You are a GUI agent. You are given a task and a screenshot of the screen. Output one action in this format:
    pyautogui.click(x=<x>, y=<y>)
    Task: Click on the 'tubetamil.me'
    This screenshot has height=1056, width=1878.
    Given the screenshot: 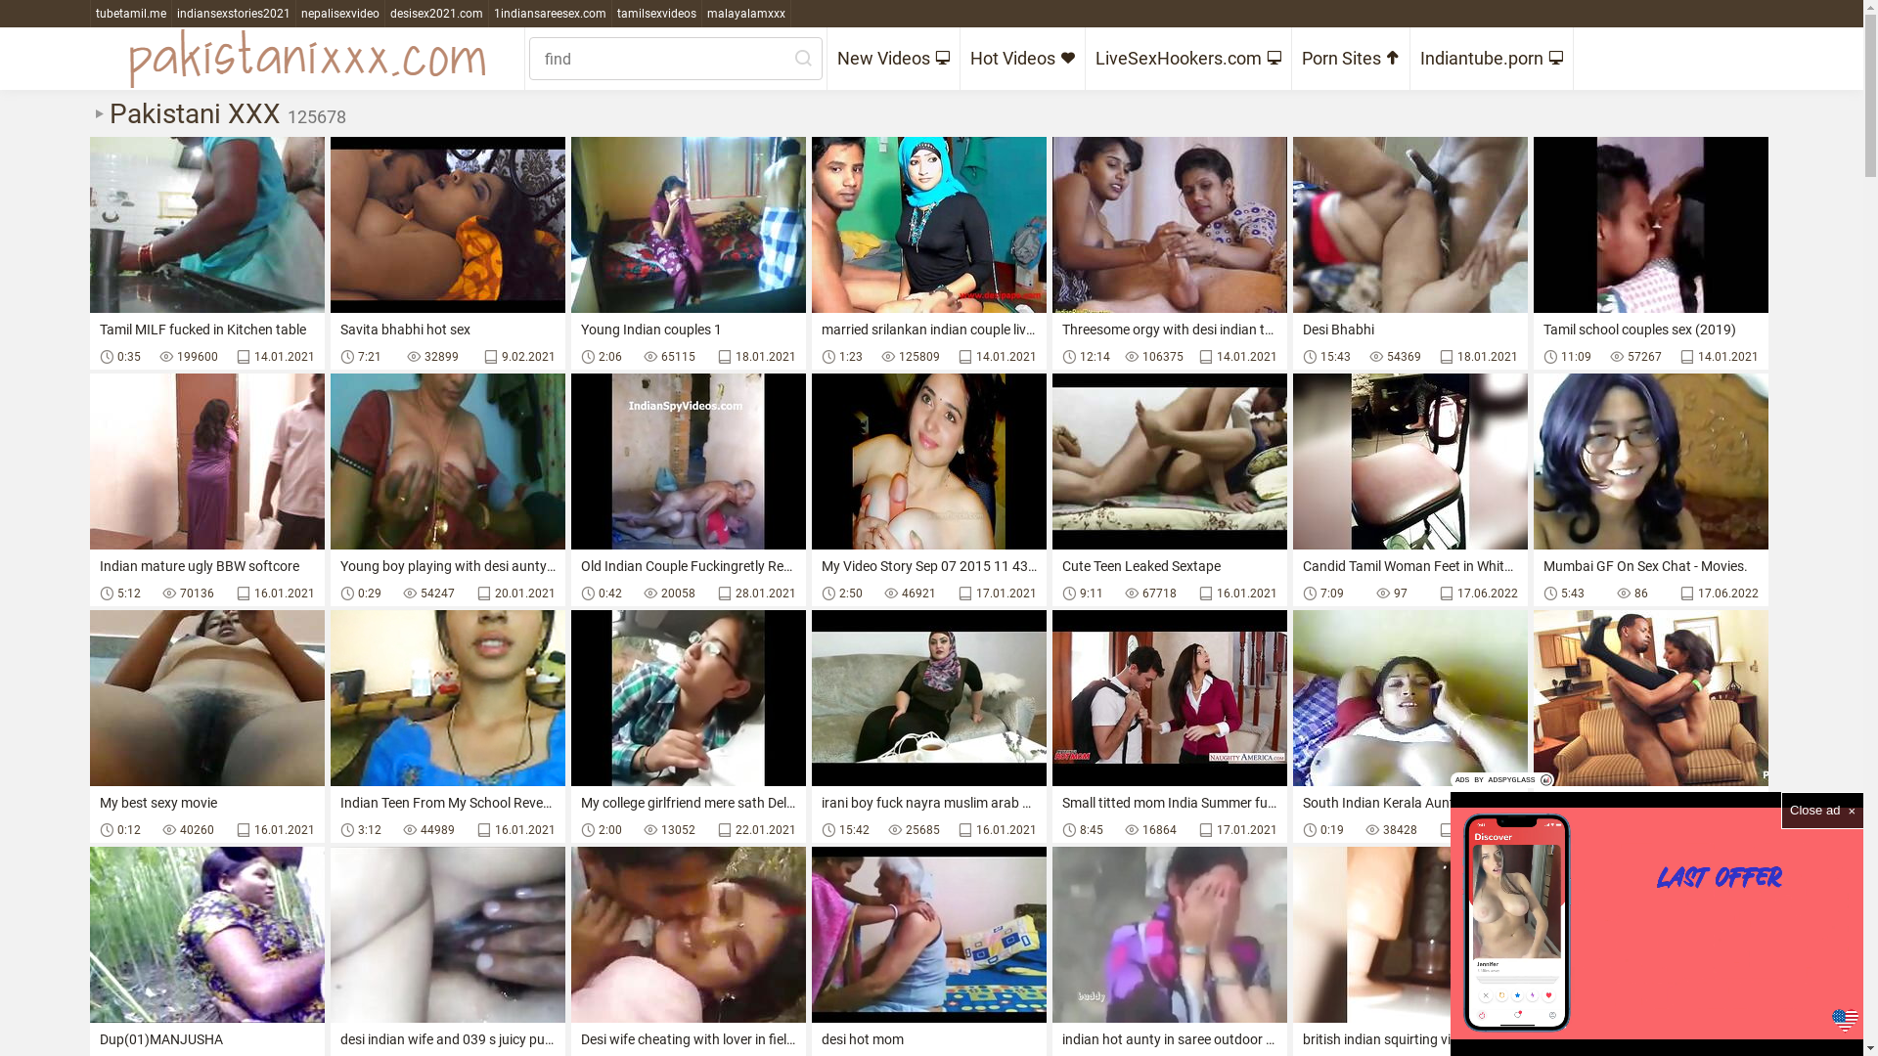 What is the action you would take?
    pyautogui.click(x=129, y=14)
    